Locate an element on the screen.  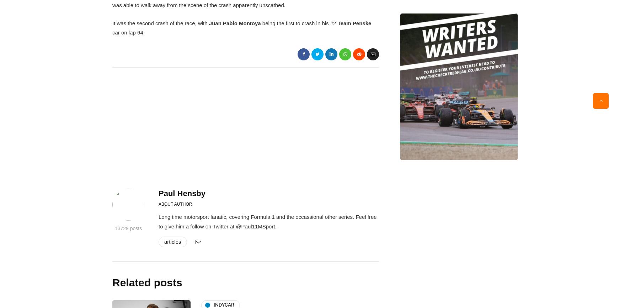
'It was the second crash of the race, with' is located at coordinates (112, 23).